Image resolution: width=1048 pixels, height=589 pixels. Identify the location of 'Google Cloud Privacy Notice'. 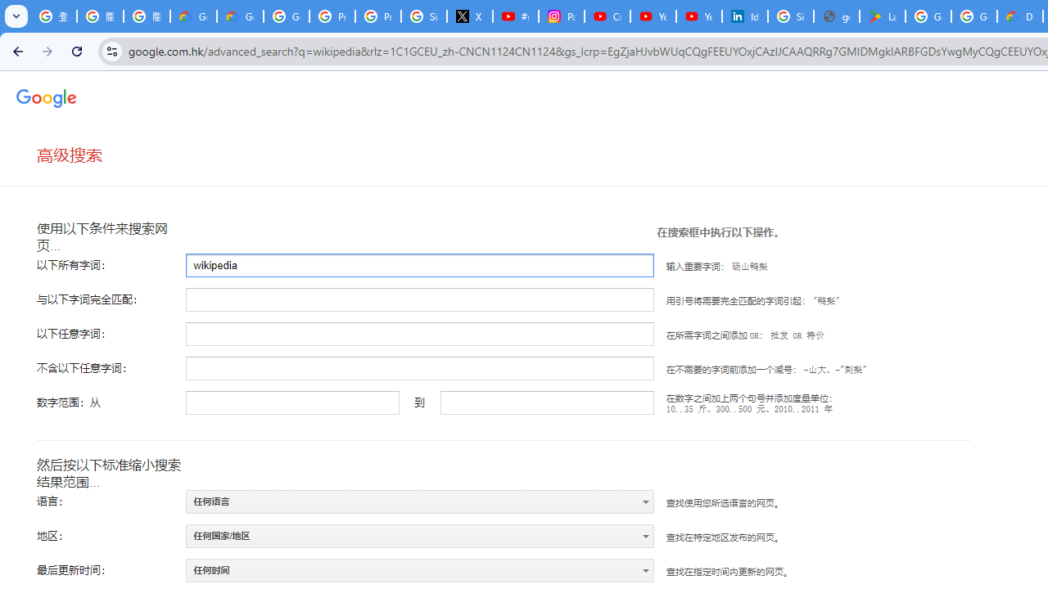
(193, 16).